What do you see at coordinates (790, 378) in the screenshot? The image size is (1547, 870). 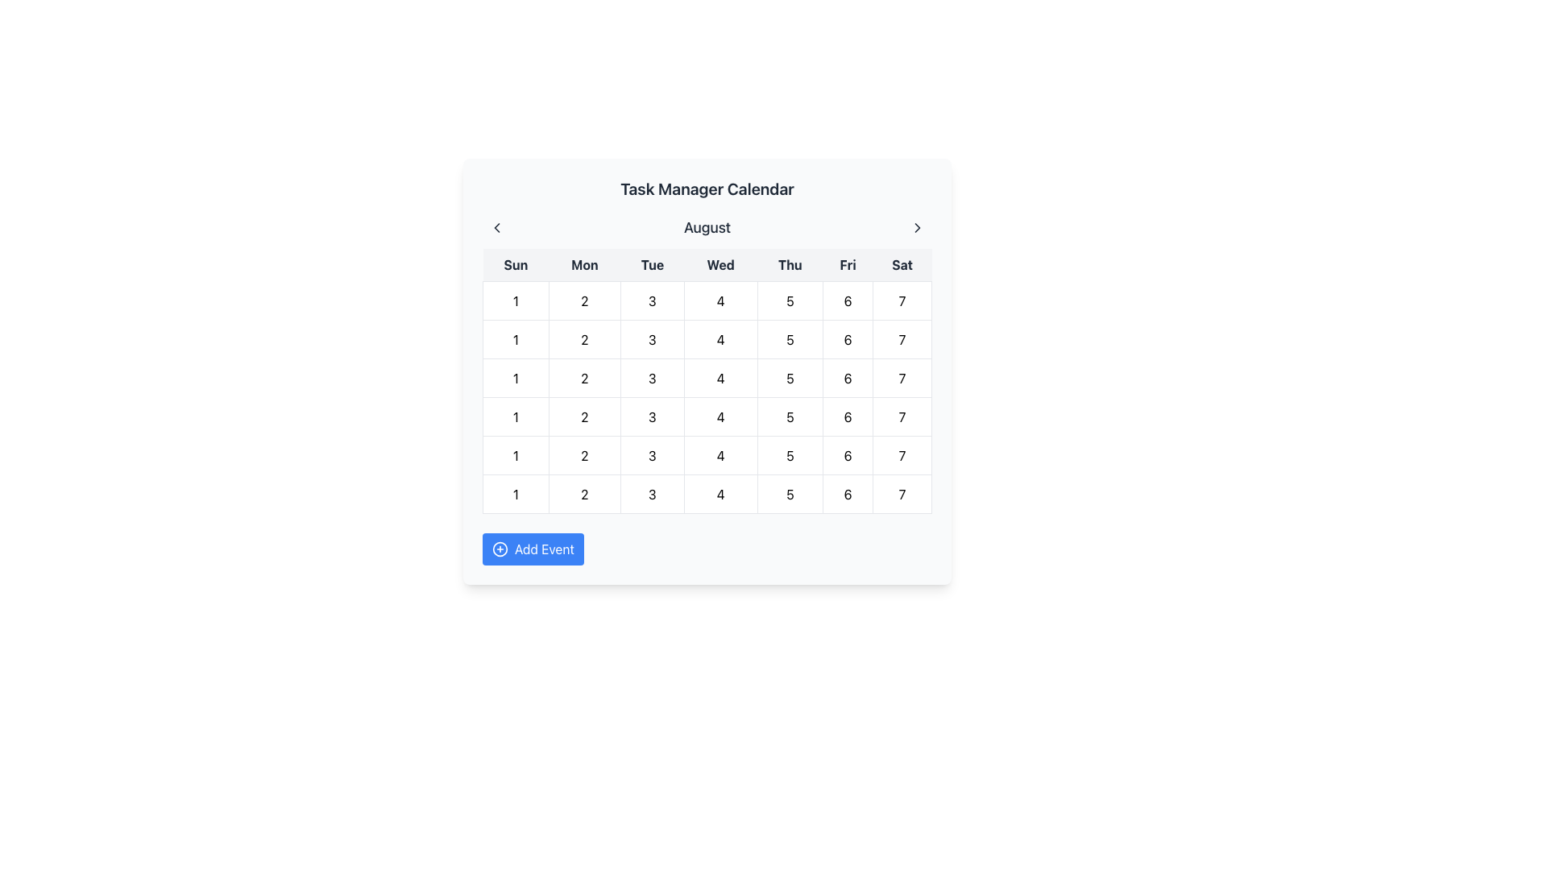 I see `the Calendar date cell representing the date '5'` at bounding box center [790, 378].